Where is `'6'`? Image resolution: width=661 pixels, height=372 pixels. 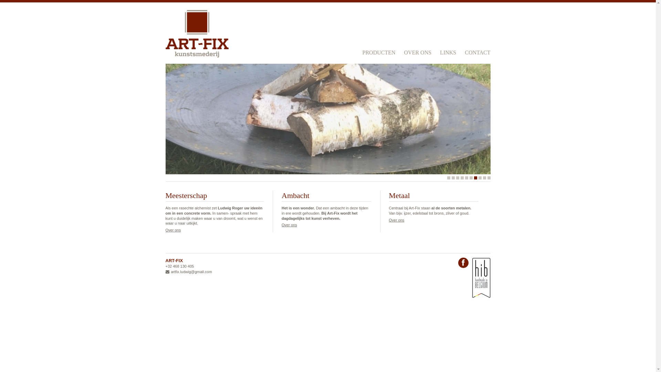
'6' is located at coordinates (471, 177).